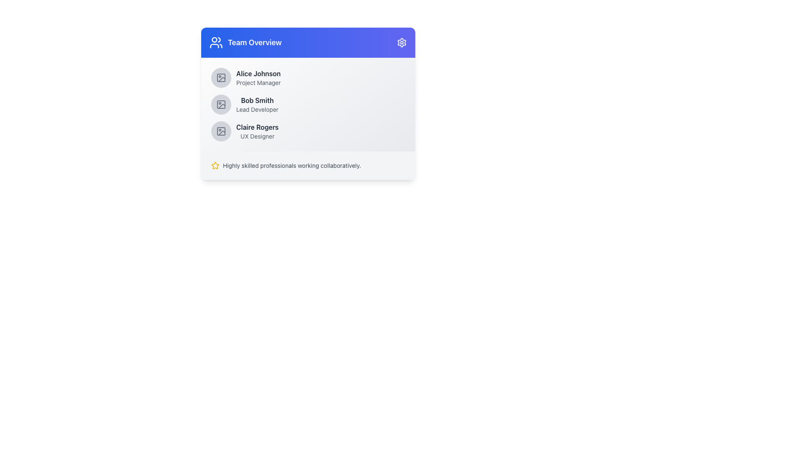 Image resolution: width=803 pixels, height=452 pixels. Describe the element at coordinates (219, 40) in the screenshot. I see `the small, rounded icon associated with the 'Team Overview' title located in the top-left corner of the blue header bar of the card` at that location.